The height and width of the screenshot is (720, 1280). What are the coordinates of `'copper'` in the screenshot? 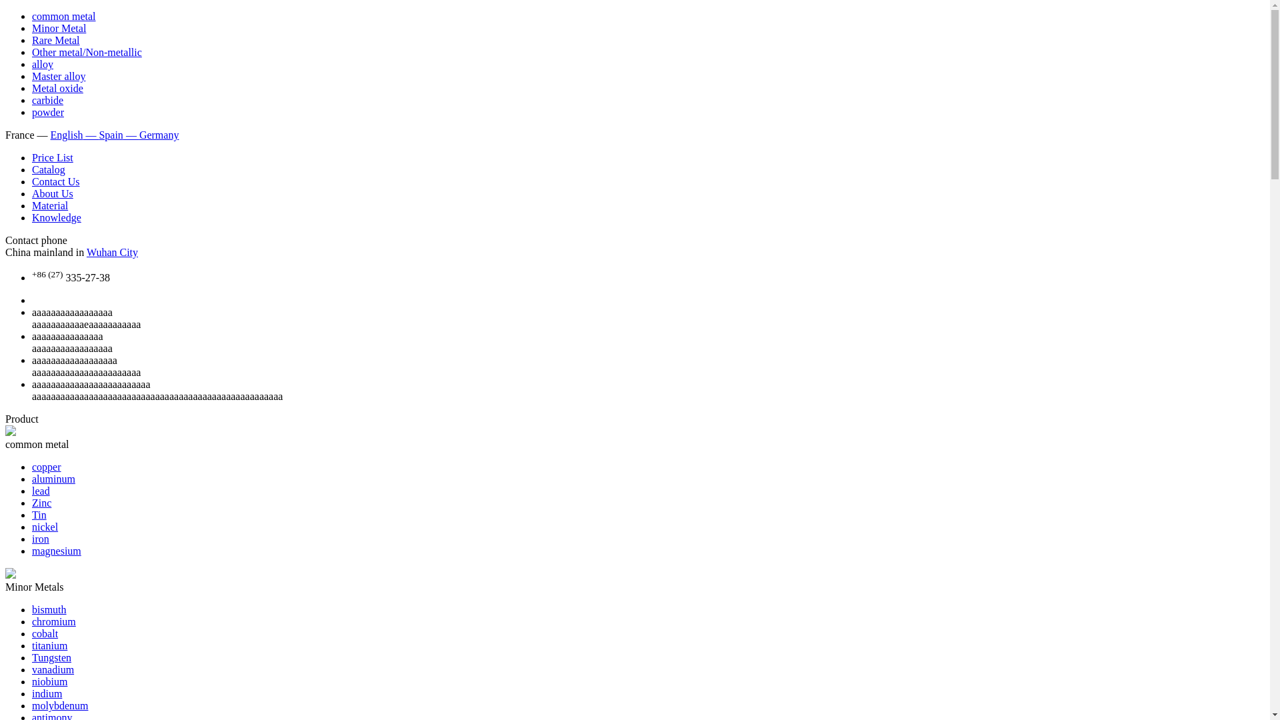 It's located at (47, 466).